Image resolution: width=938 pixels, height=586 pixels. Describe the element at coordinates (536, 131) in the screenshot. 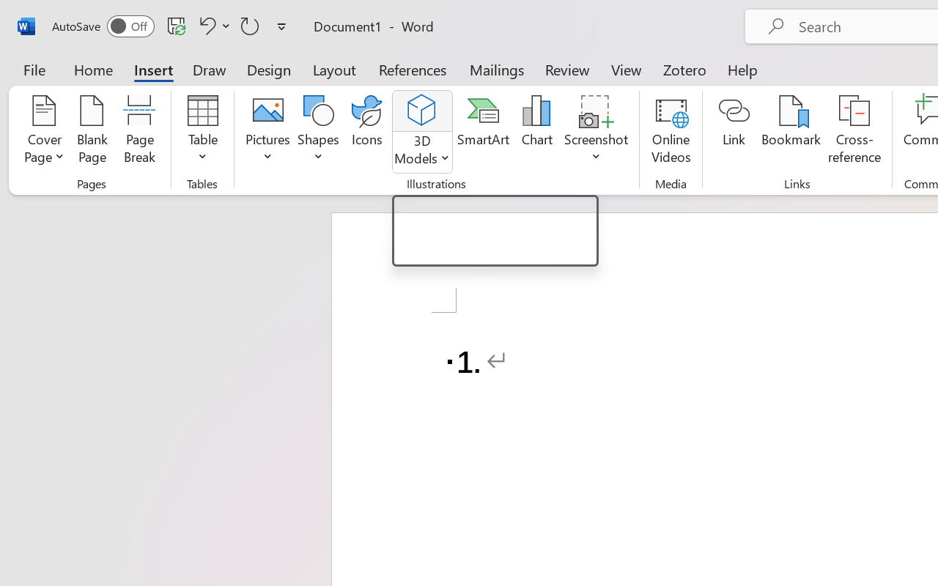

I see `'Chart...'` at that location.